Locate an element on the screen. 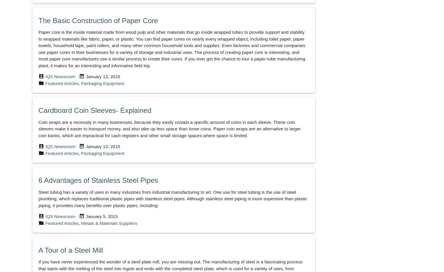 The width and height of the screenshot is (444, 272). 'Featured Industries' is located at coordinates (47, 191).